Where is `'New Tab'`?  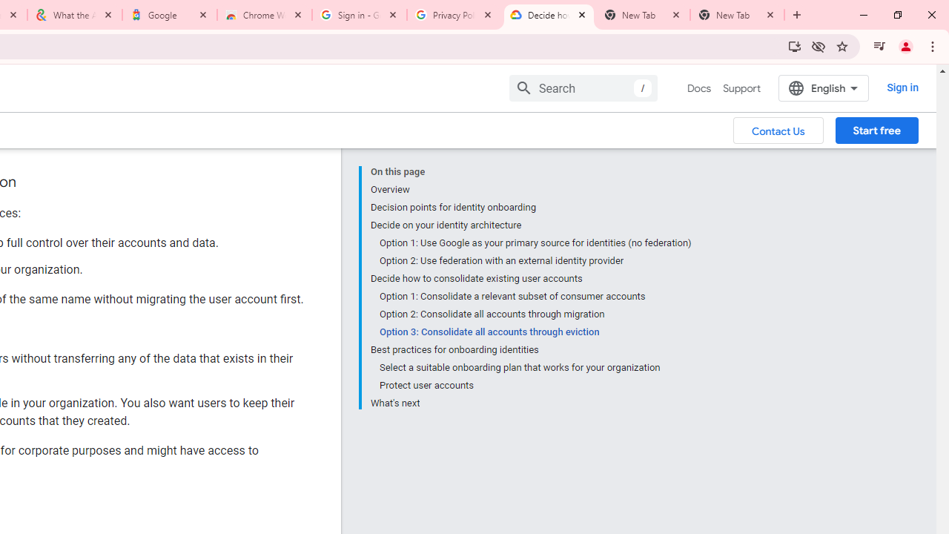
'New Tab' is located at coordinates (737, 15).